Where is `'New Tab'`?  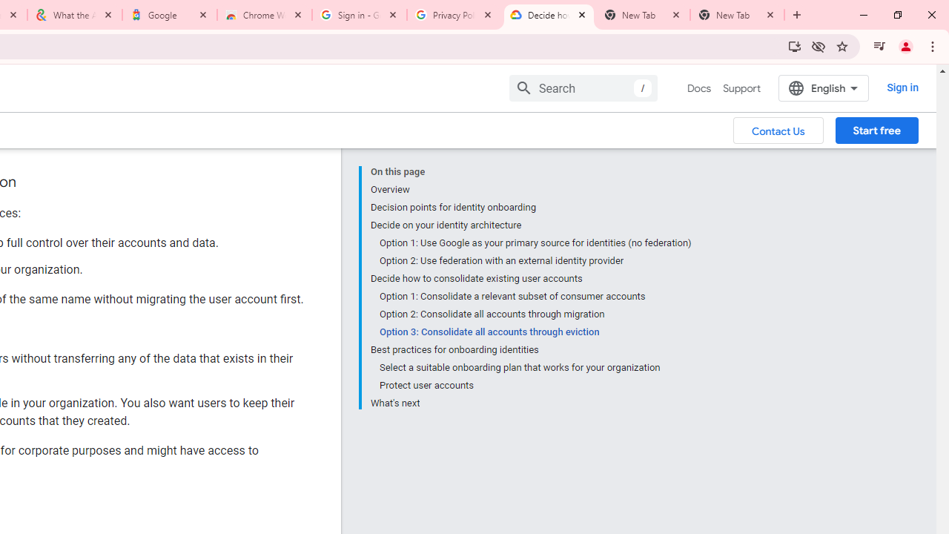
'New Tab' is located at coordinates (737, 15).